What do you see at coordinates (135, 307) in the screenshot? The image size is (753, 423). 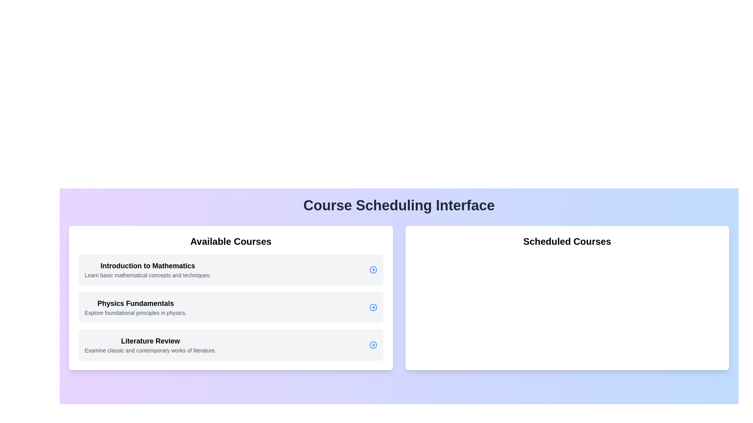 I see `to select the course titled 'Physics Fundamentals' from the 'Available Courses' section, which is the second entry in the course list` at bounding box center [135, 307].